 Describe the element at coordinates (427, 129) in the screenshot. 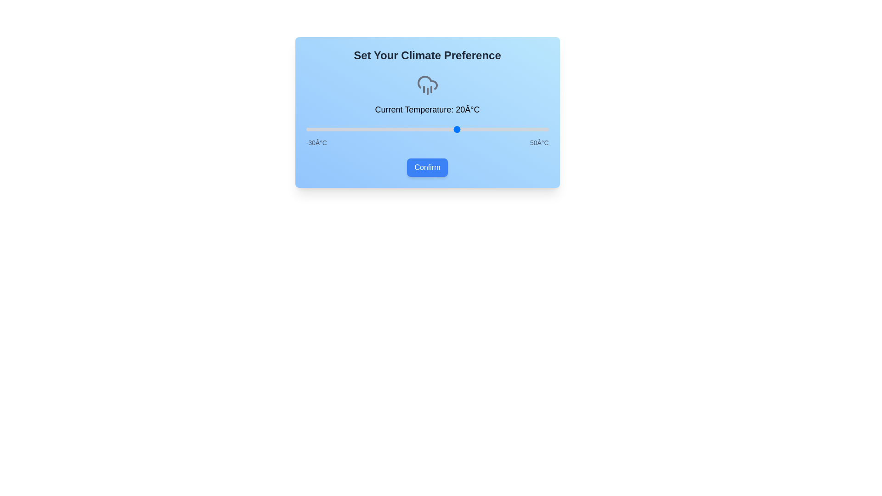

I see `the slider to observe the cursor change` at that location.